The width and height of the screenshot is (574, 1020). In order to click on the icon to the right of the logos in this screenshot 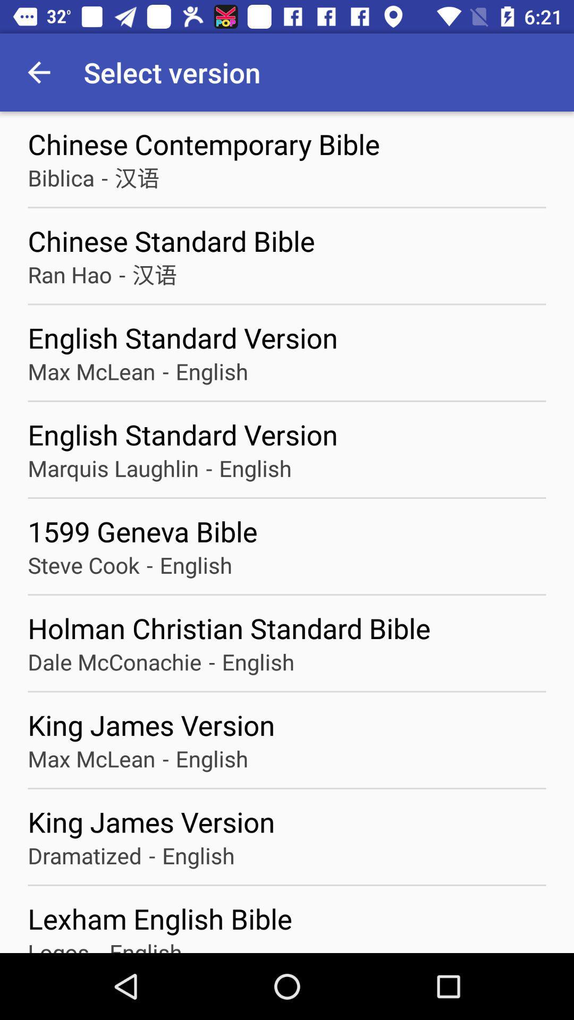, I will do `click(99, 945)`.